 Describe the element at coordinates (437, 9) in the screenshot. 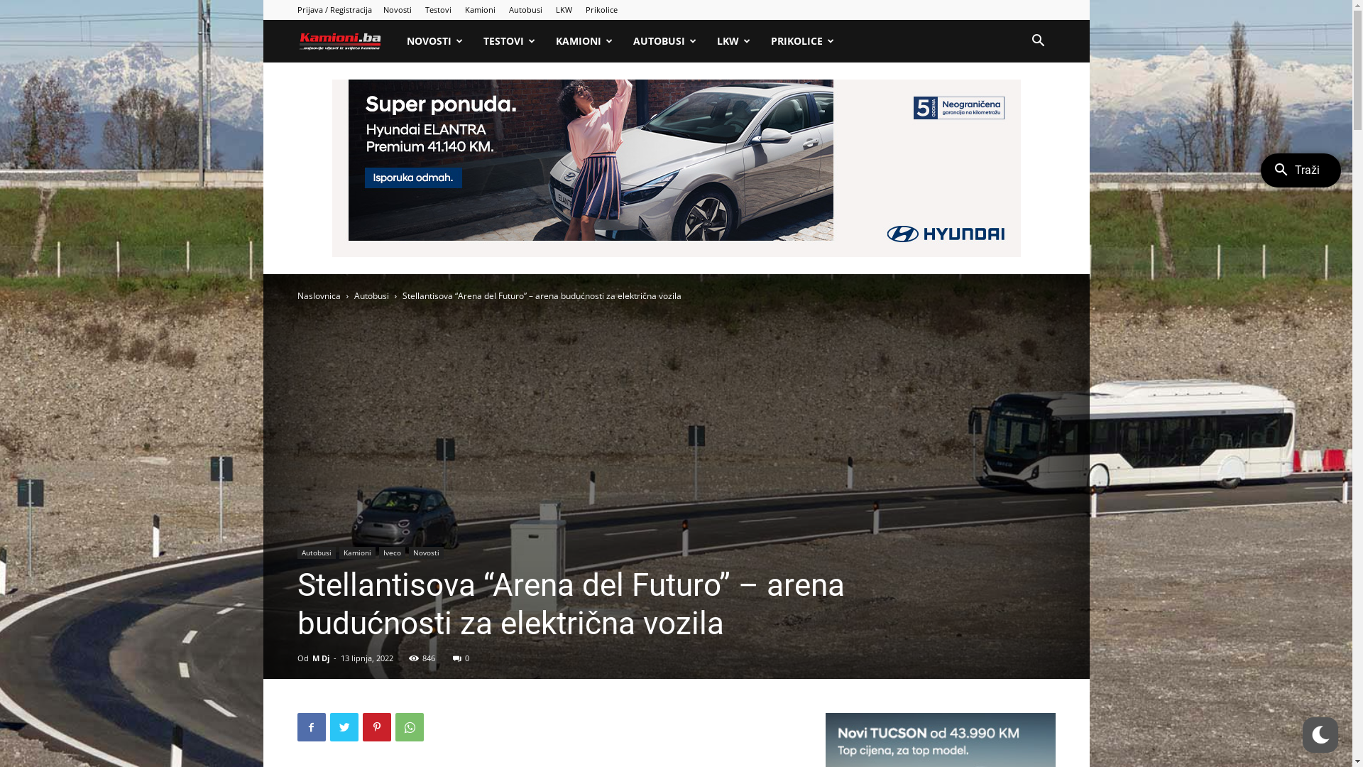

I see `'Testovi'` at that location.